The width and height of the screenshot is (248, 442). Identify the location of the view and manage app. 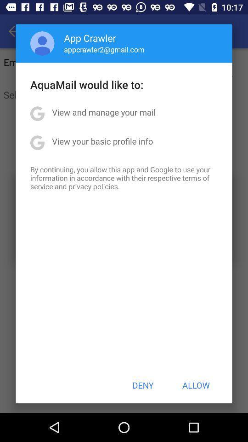
(103, 111).